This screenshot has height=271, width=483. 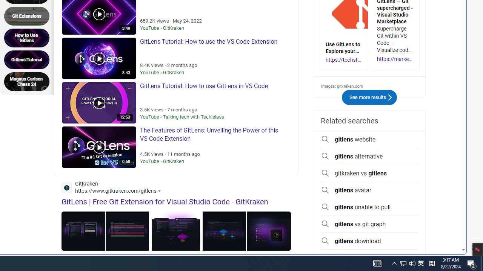 What do you see at coordinates (369, 224) in the screenshot?
I see `'gitlens vs git graph'` at bounding box center [369, 224].